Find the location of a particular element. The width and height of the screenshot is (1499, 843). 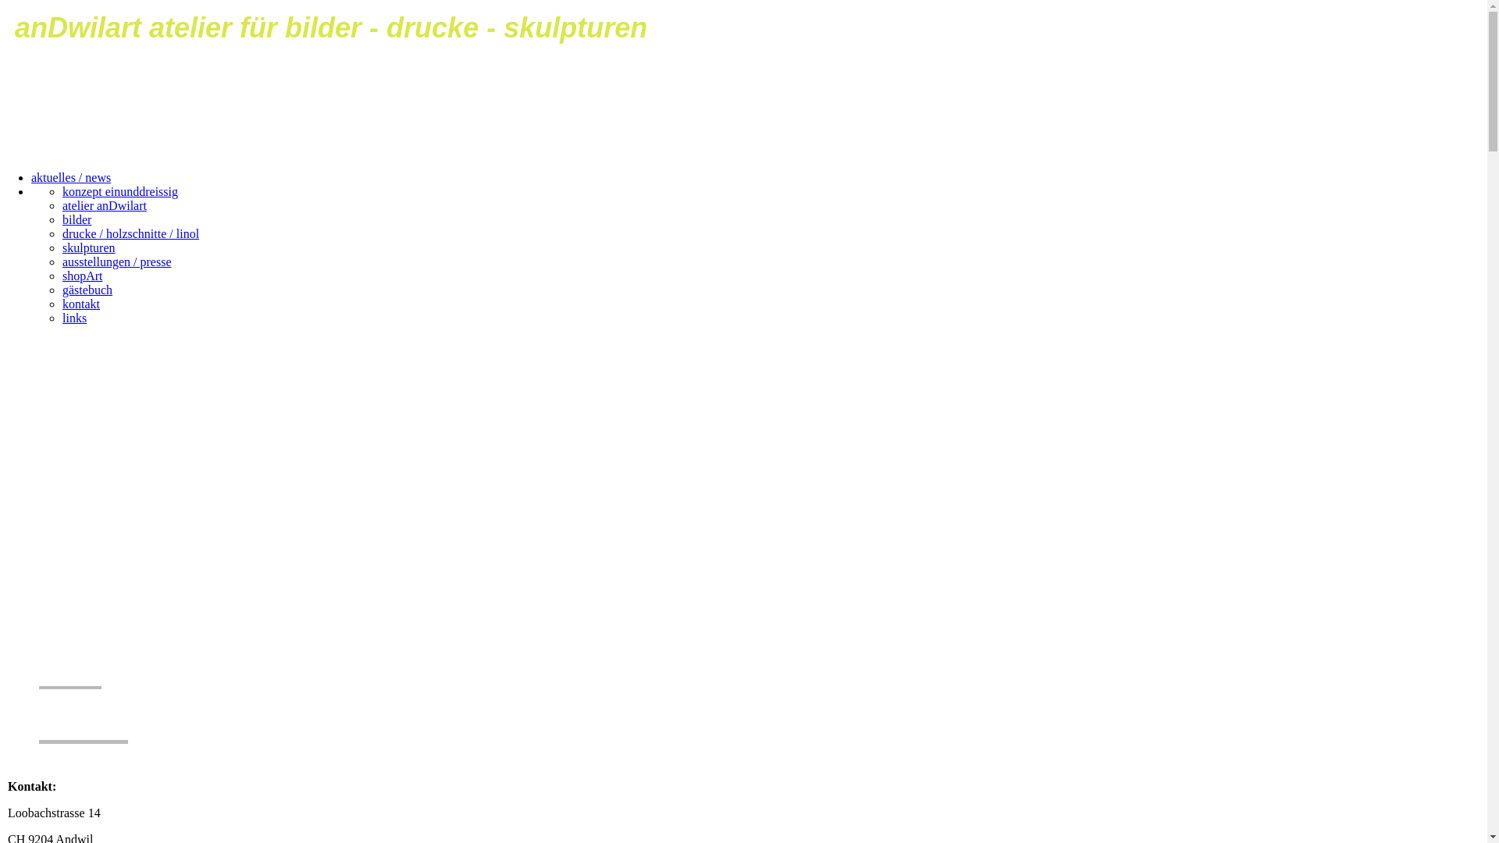

'drucke / holzschnitte / linol' is located at coordinates (130, 233).